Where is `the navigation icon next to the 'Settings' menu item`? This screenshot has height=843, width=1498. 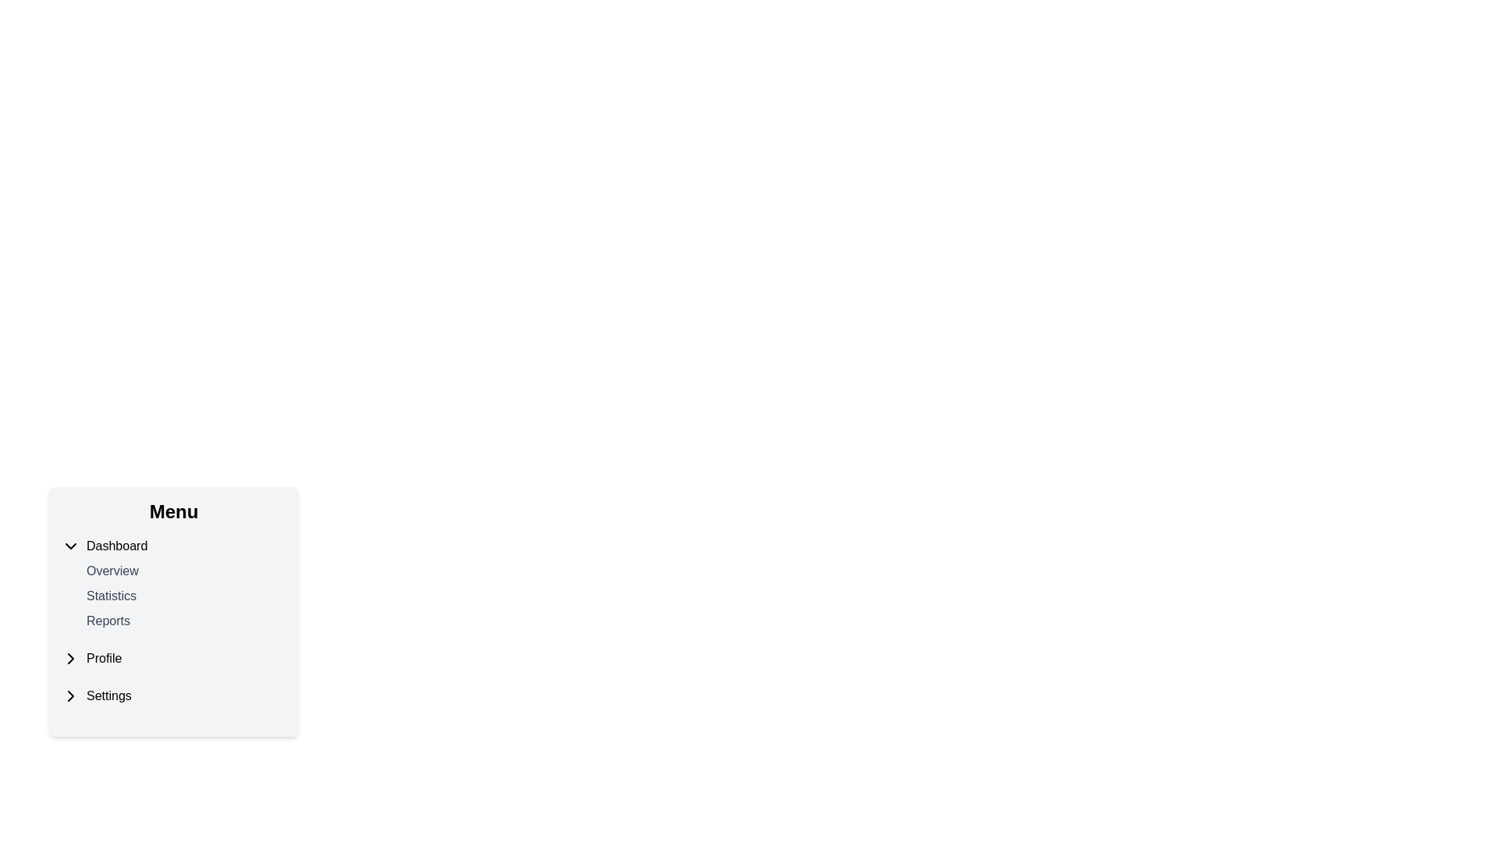
the navigation icon next to the 'Settings' menu item is located at coordinates (70, 695).